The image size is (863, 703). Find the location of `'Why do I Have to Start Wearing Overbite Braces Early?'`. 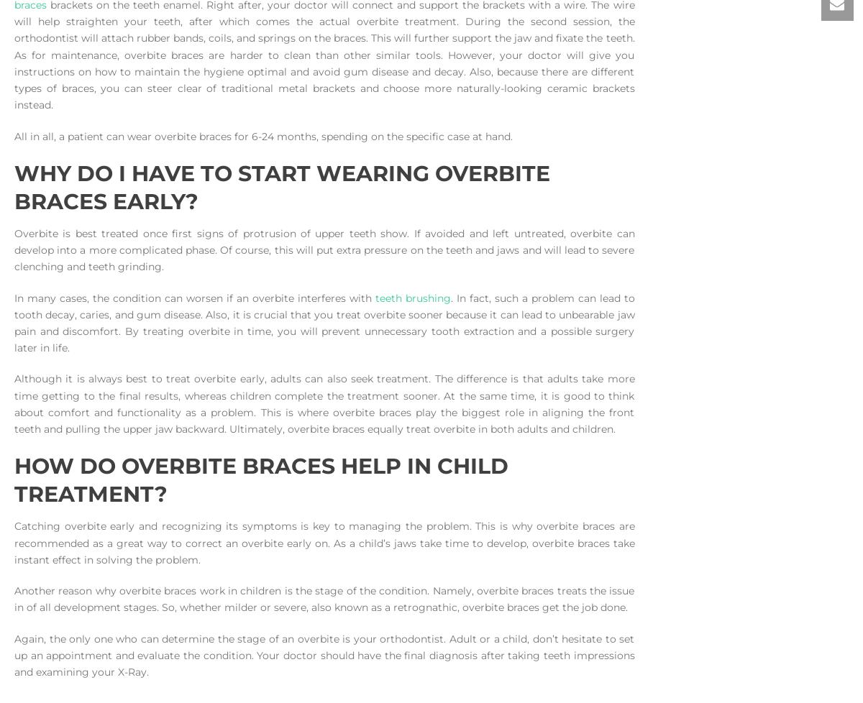

'Why do I Have to Start Wearing Overbite Braces Early?' is located at coordinates (282, 185).